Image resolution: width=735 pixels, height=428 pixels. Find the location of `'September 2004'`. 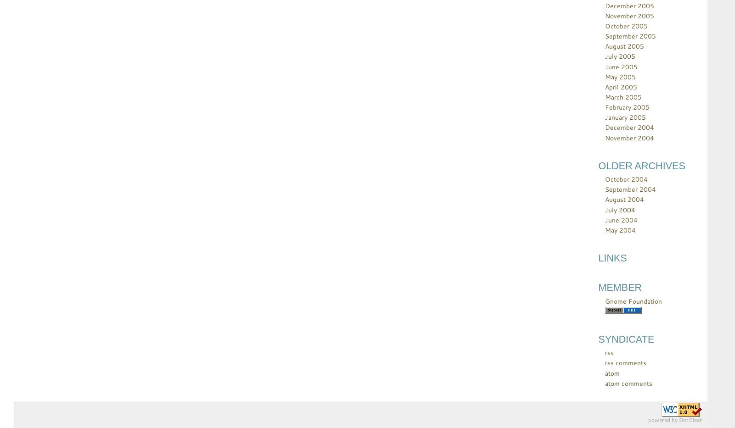

'September 2004' is located at coordinates (630, 189).